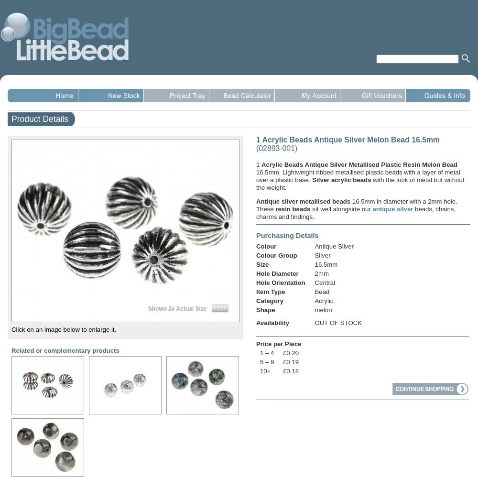 Image resolution: width=478 pixels, height=478 pixels. Describe the element at coordinates (11, 350) in the screenshot. I see `'Related or complementary products'` at that location.